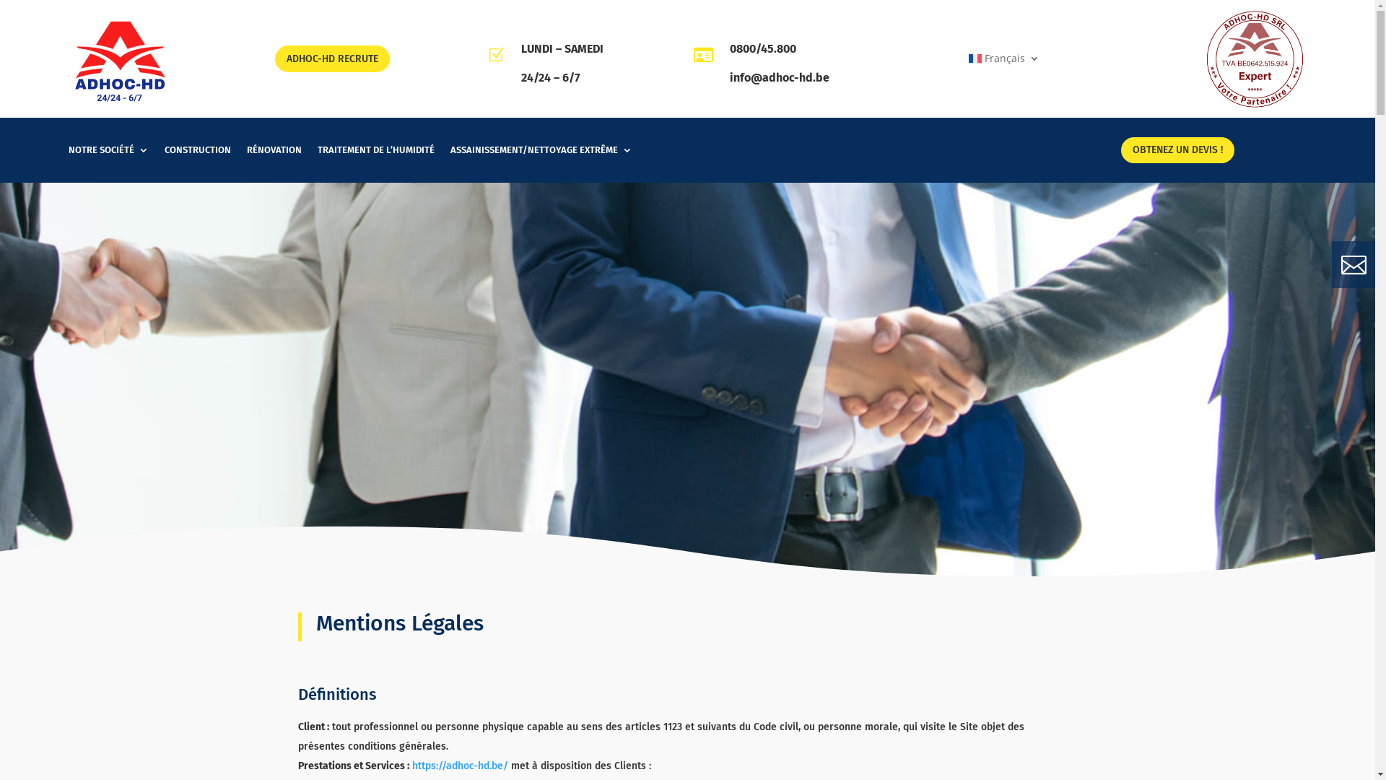  What do you see at coordinates (778, 77) in the screenshot?
I see `'info@adhoc-hd.be'` at bounding box center [778, 77].